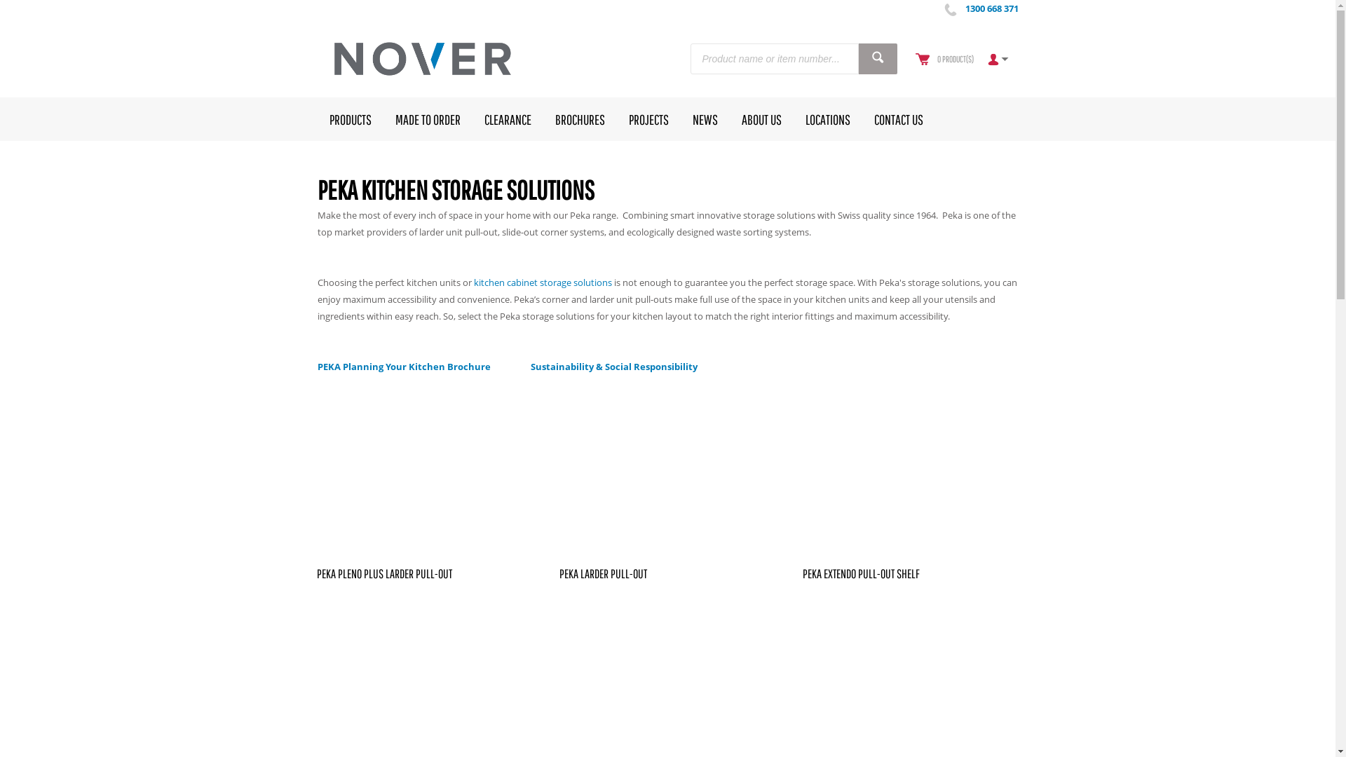  I want to click on 'CLEARANCE', so click(507, 118).